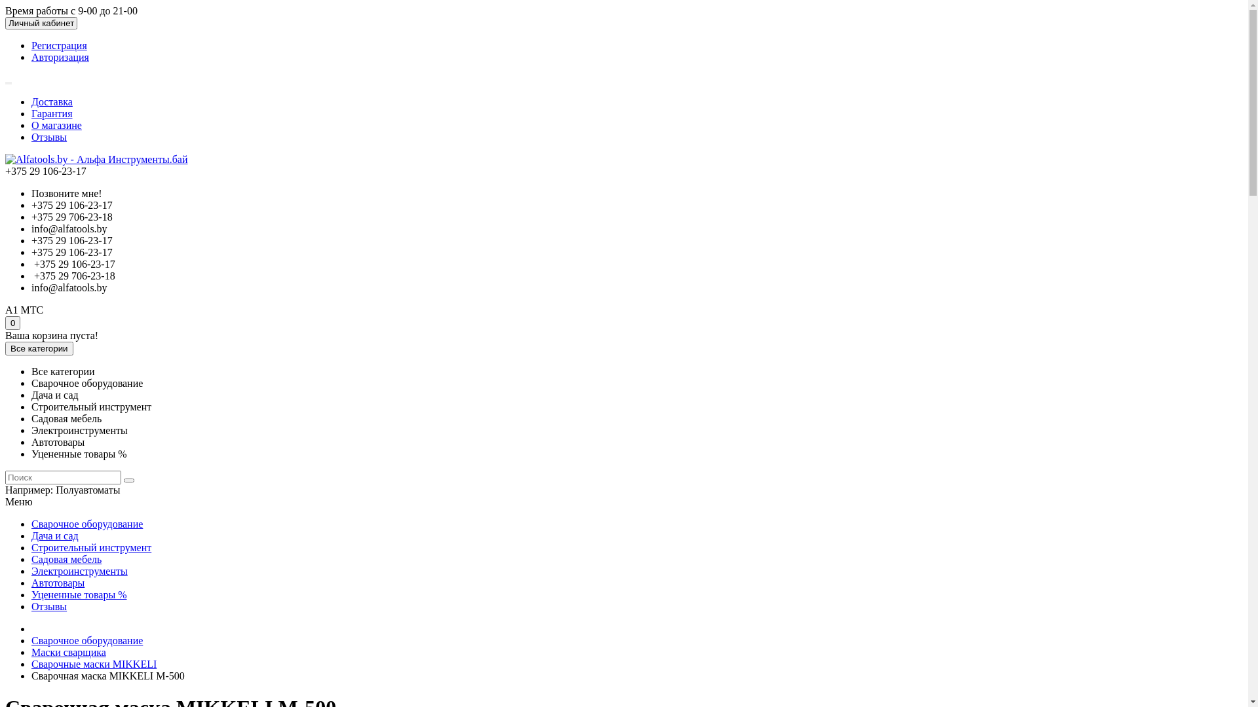 This screenshot has height=707, width=1258. What do you see at coordinates (71, 252) in the screenshot?
I see `'+375 29 106-23-17'` at bounding box center [71, 252].